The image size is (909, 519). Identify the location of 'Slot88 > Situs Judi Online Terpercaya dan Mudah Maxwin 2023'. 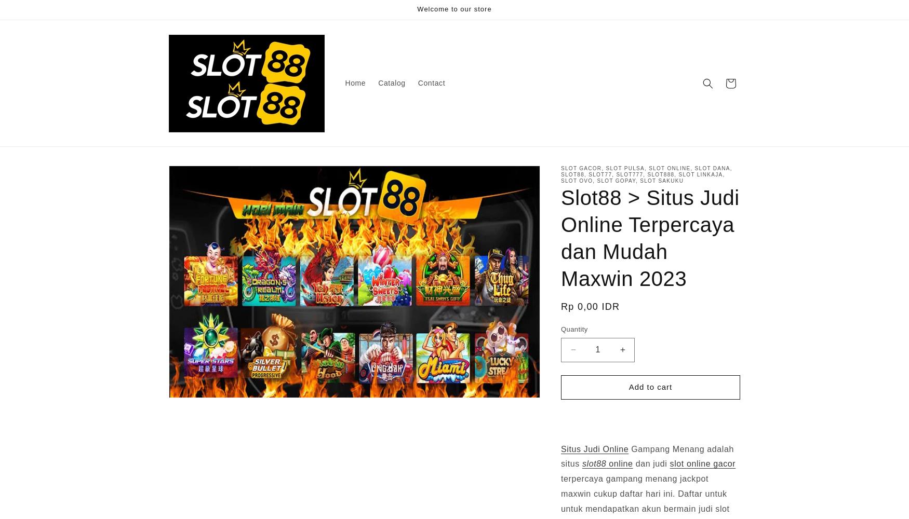
(649, 238).